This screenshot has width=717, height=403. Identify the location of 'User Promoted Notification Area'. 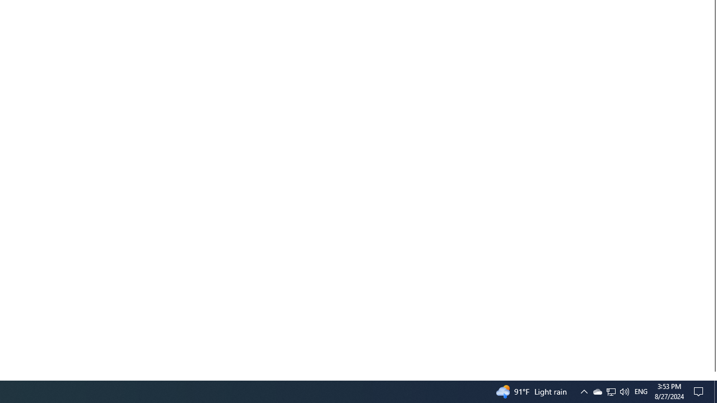
(610, 391).